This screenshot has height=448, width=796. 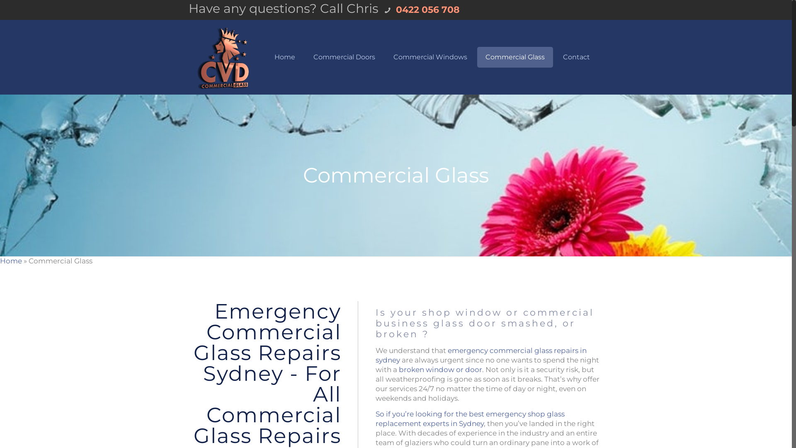 What do you see at coordinates (304, 57) in the screenshot?
I see `'Commercial Doors'` at bounding box center [304, 57].